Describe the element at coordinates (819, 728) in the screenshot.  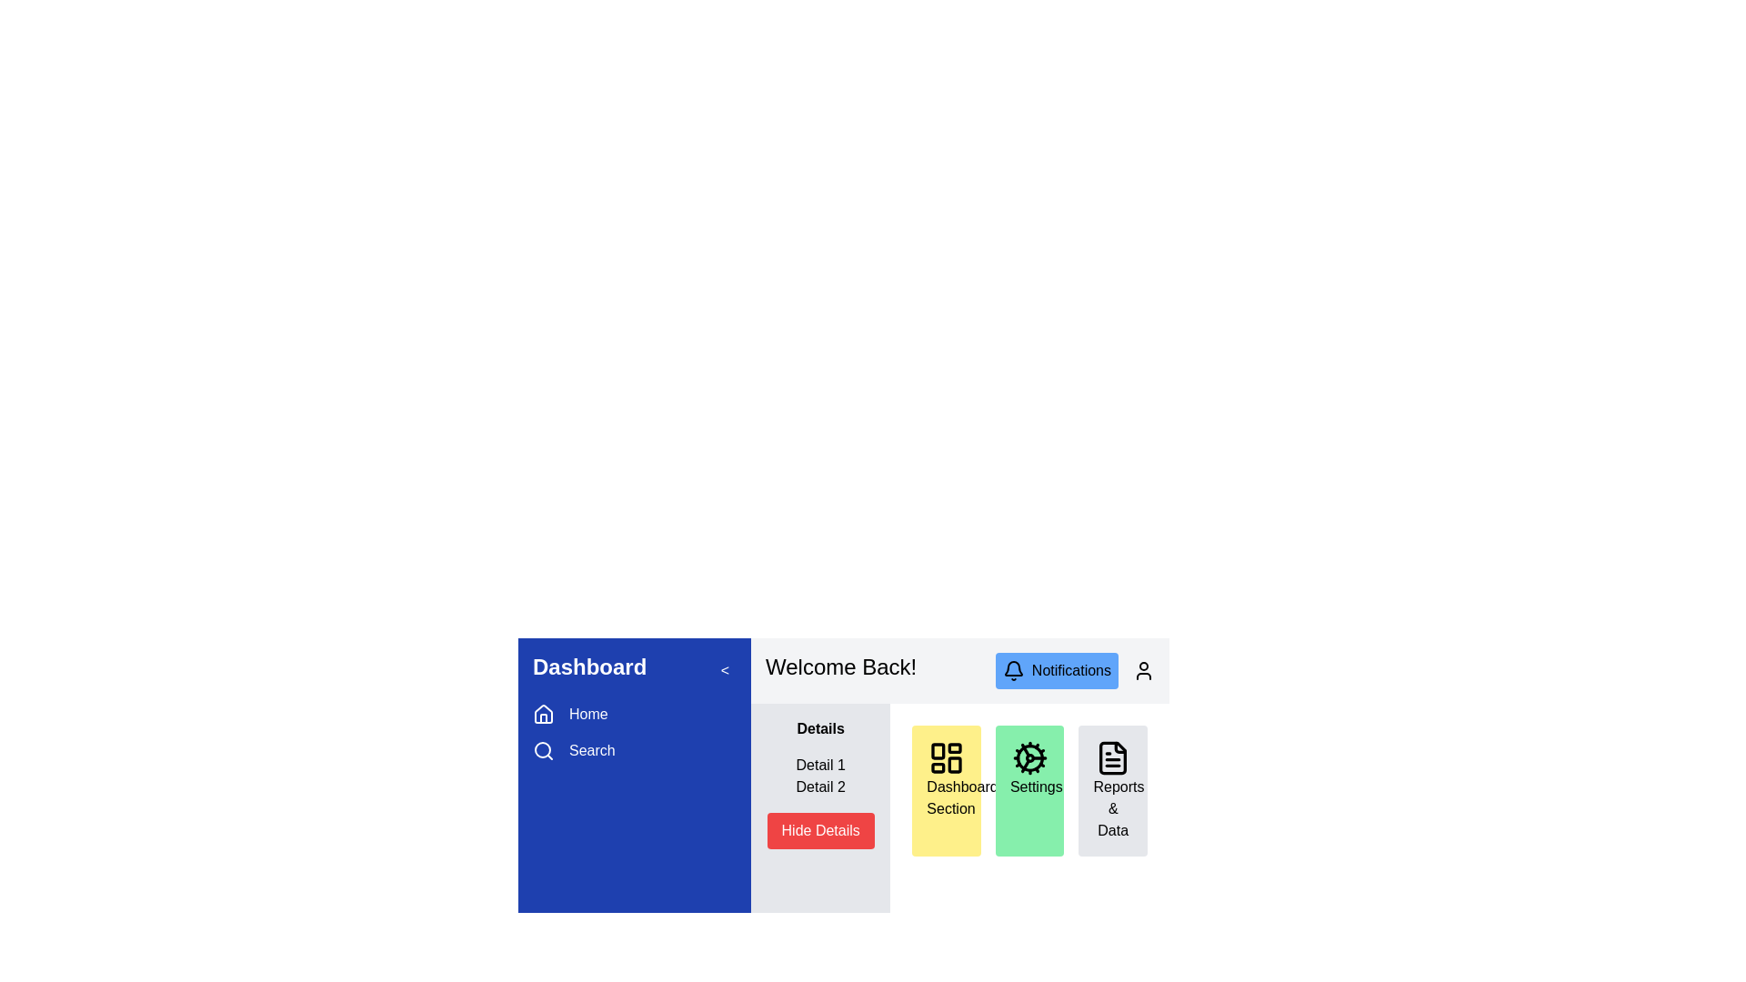
I see `the Text label that serves as a title or heading for the gray section, positioned above other labels and a red button labeled 'Hide Details'` at that location.